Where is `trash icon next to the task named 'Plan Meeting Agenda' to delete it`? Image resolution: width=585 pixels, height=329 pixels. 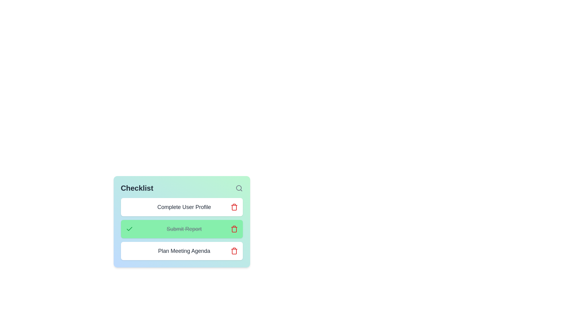 trash icon next to the task named 'Plan Meeting Agenda' to delete it is located at coordinates (234, 251).